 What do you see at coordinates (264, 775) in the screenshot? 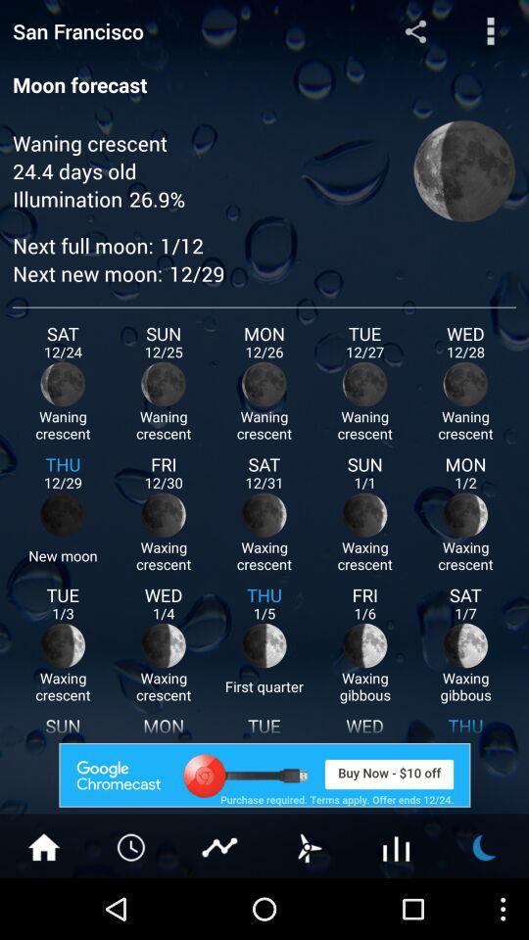
I see `the advertised site` at bounding box center [264, 775].